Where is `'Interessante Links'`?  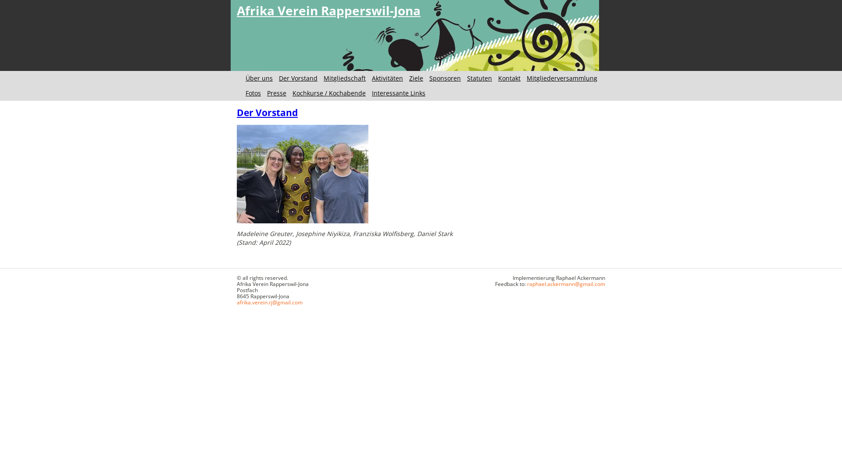 'Interessante Links' is located at coordinates (398, 93).